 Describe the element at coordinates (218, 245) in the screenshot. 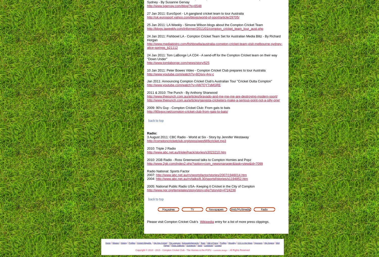

I see `'Contact'` at that location.